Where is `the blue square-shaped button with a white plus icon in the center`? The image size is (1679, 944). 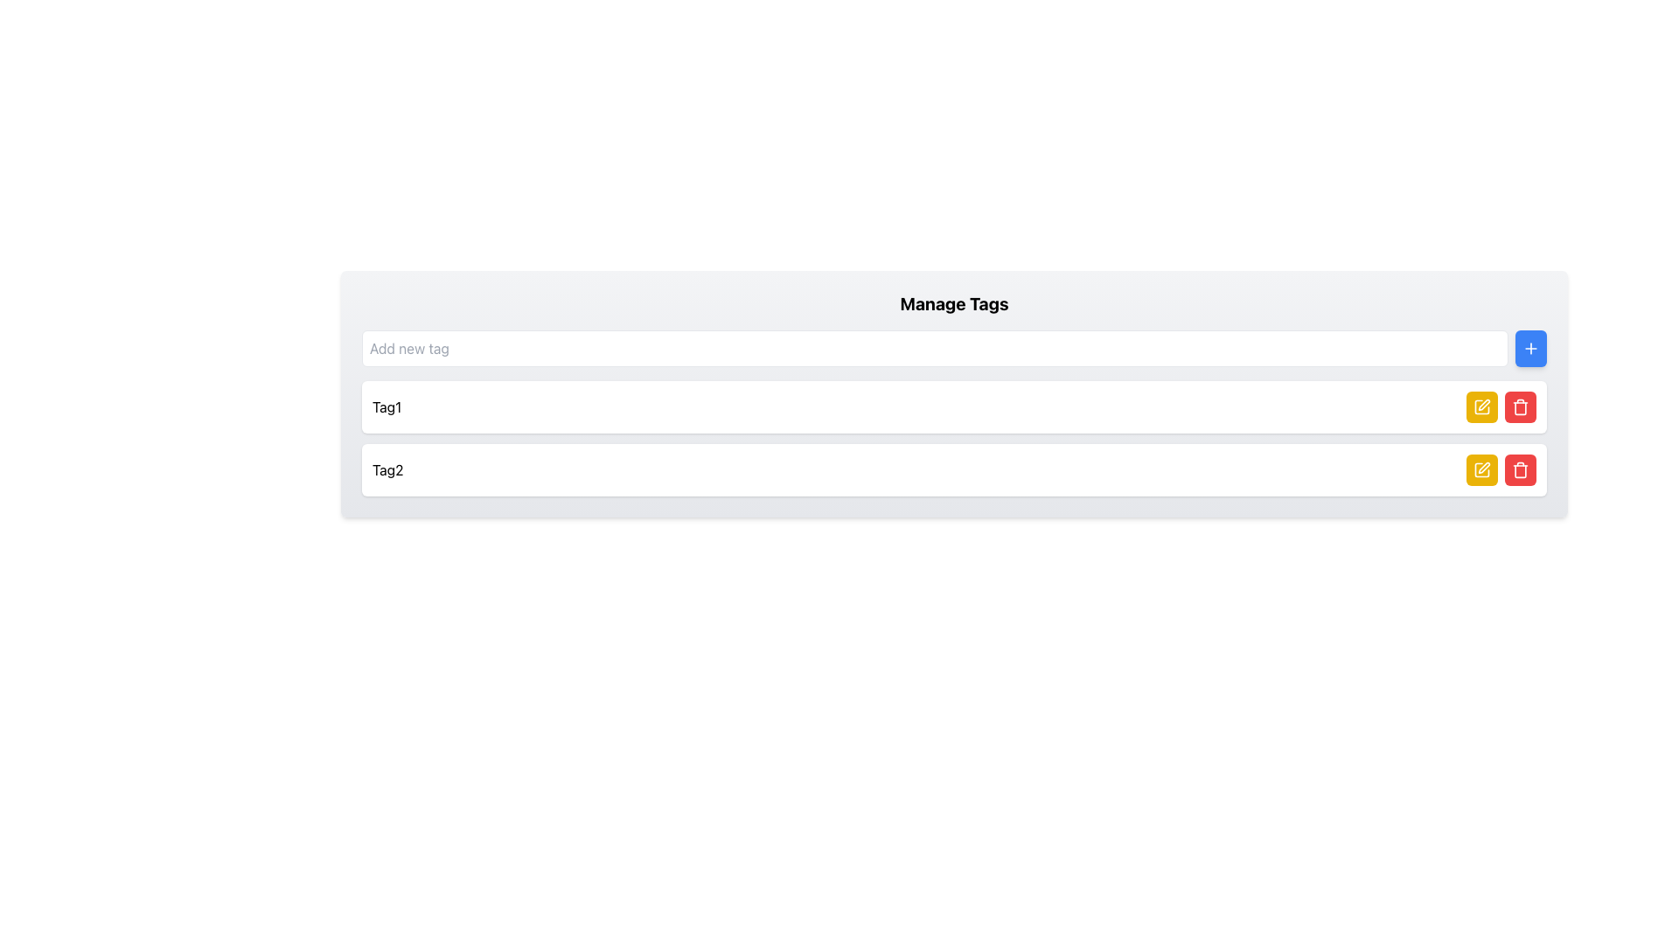
the blue square-shaped button with a white plus icon in the center is located at coordinates (1530, 348).